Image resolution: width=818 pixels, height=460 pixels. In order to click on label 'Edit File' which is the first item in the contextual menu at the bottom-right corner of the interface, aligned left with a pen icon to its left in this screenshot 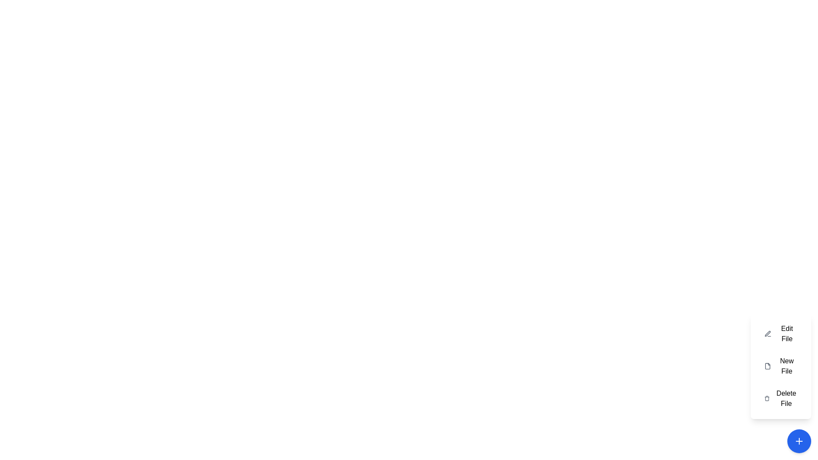, I will do `click(786, 333)`.